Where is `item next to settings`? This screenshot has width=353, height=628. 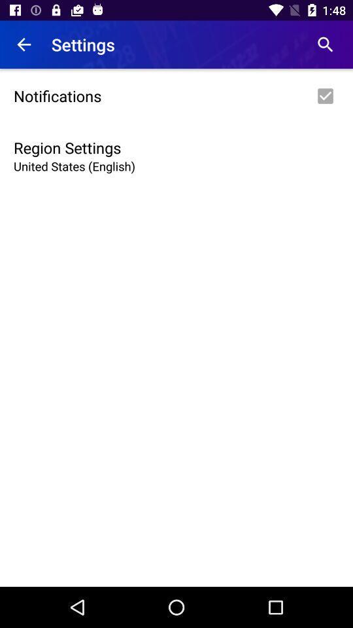 item next to settings is located at coordinates (324, 44).